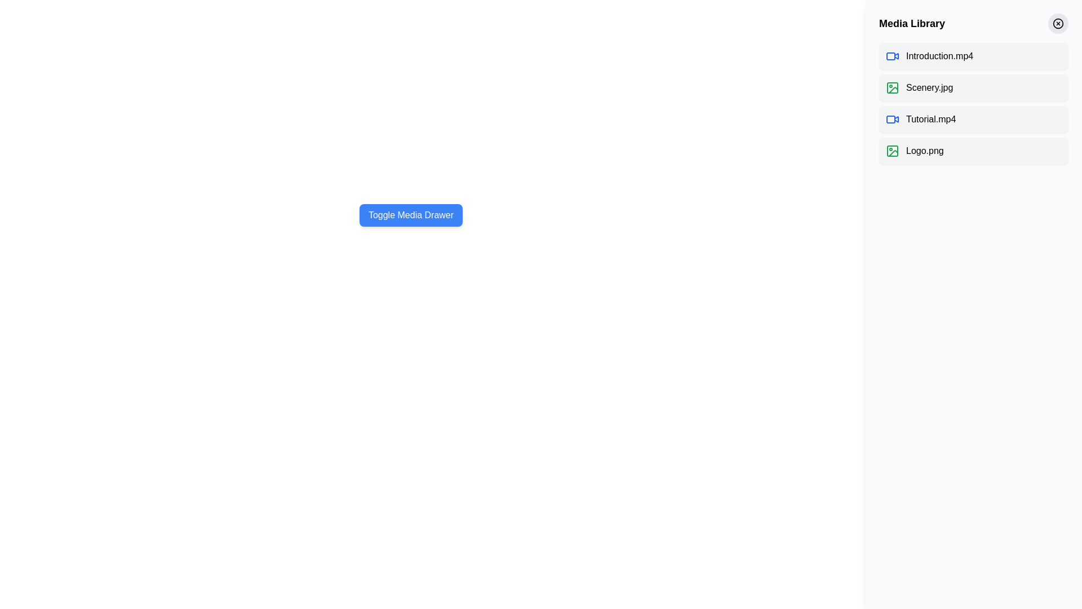 The image size is (1082, 609). What do you see at coordinates (1057, 24) in the screenshot?
I see `the center of the dismiss button located on the right-hand side of the Media Library panel` at bounding box center [1057, 24].